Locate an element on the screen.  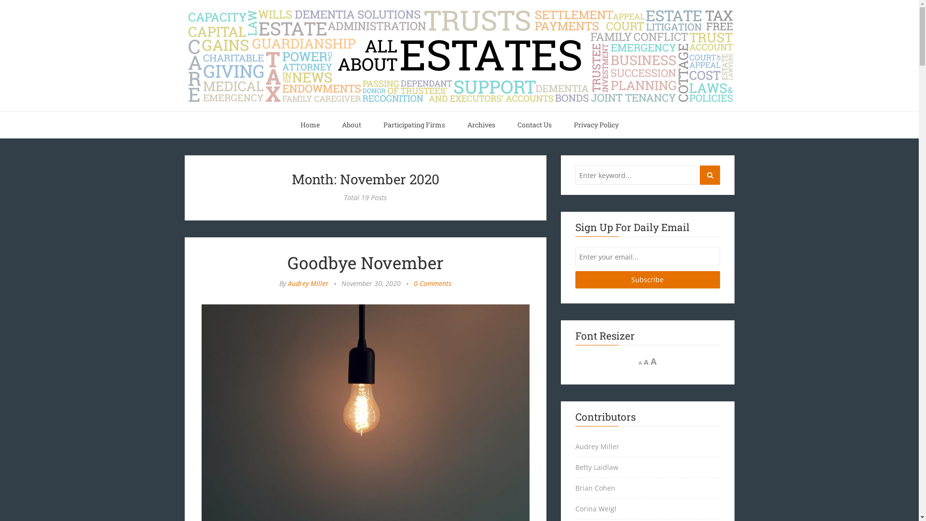
'Brian Cohen' is located at coordinates (574, 488).